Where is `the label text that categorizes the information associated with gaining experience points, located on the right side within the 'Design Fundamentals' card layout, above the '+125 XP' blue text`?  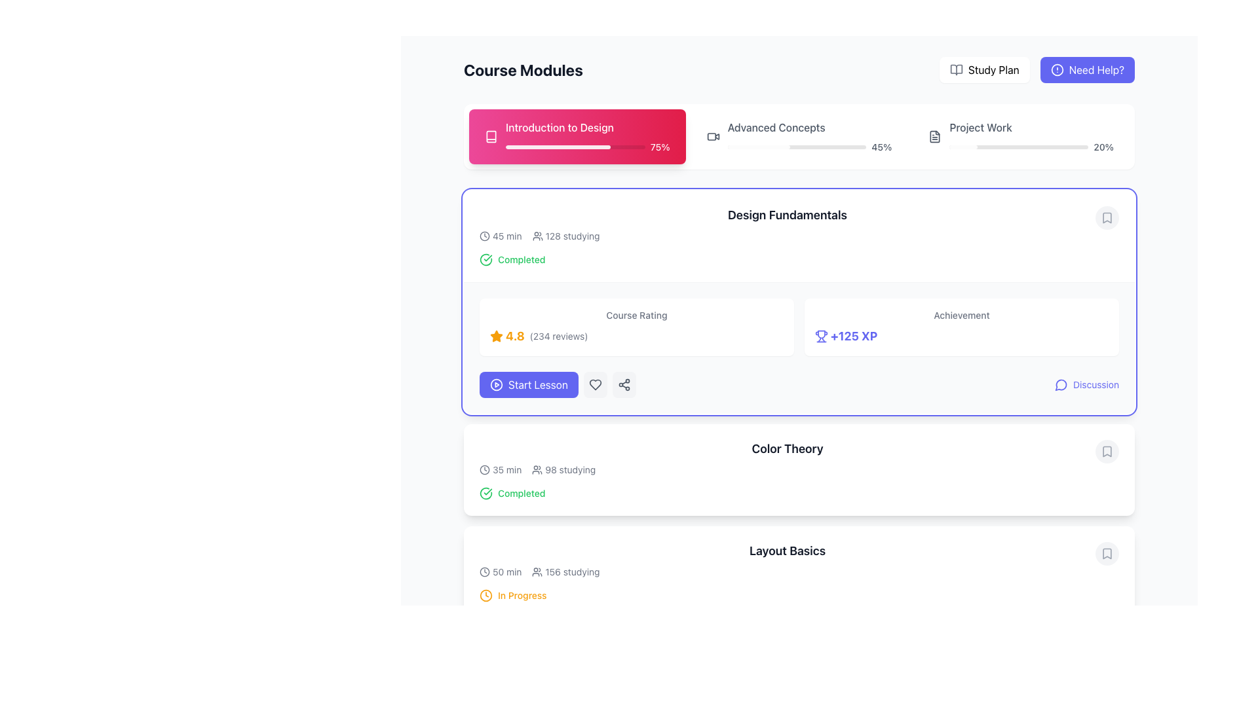 the label text that categorizes the information associated with gaining experience points, located on the right side within the 'Design Fundamentals' card layout, above the '+125 XP' blue text is located at coordinates (962, 316).